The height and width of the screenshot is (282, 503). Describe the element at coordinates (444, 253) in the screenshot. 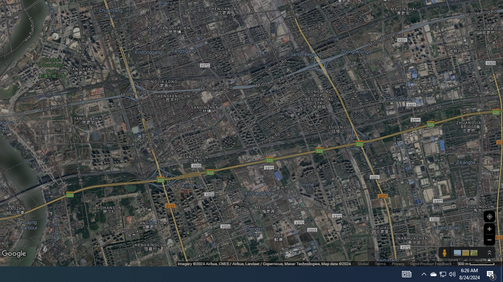

I see `'Show Street View coverage'` at that location.